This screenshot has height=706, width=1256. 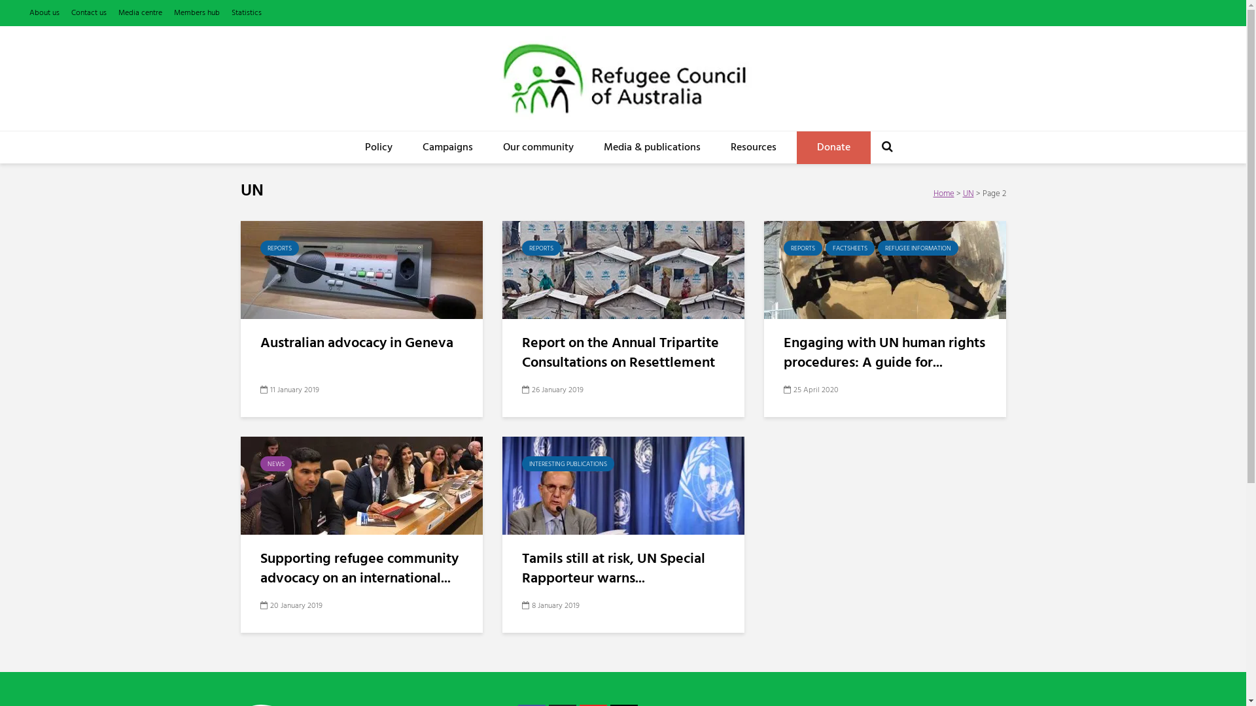 What do you see at coordinates (825, 248) in the screenshot?
I see `'FACTSHEETS'` at bounding box center [825, 248].